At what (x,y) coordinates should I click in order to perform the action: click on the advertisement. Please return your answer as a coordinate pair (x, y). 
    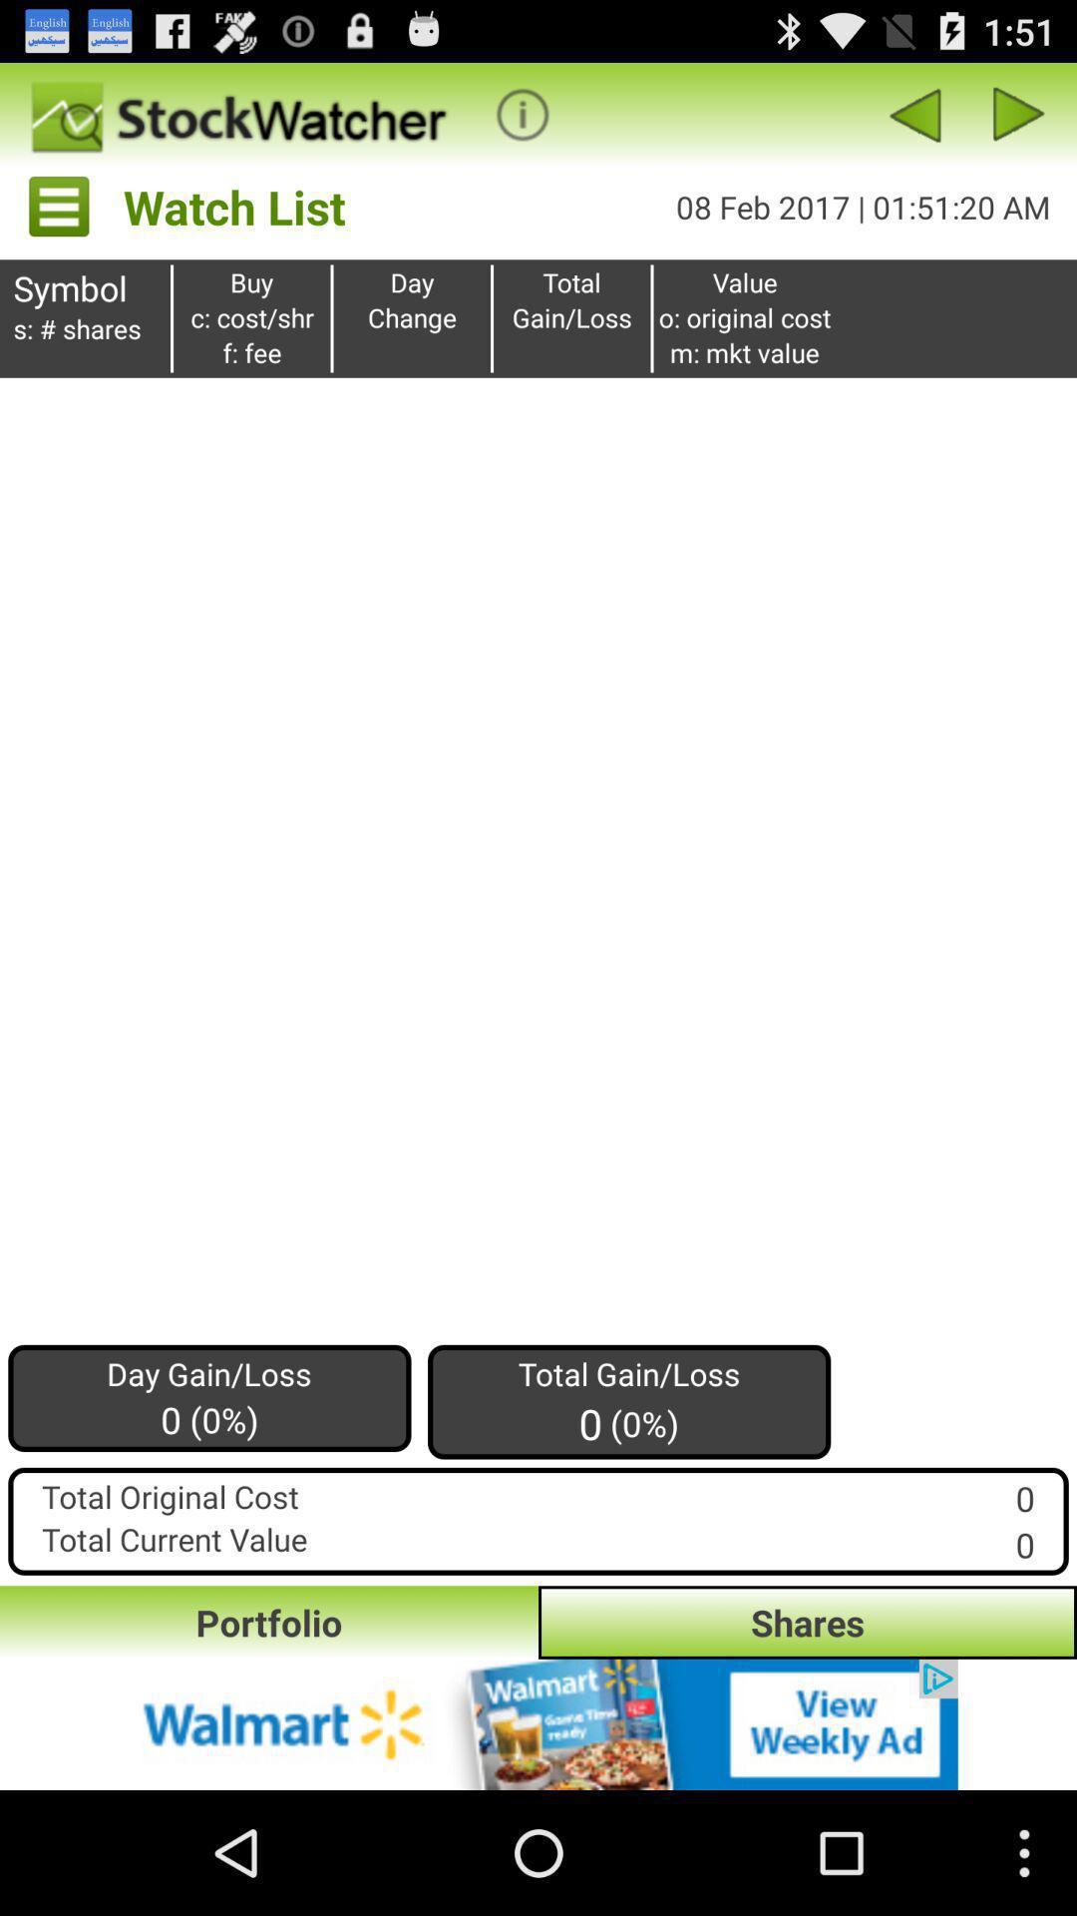
    Looking at the image, I should click on (538, 1723).